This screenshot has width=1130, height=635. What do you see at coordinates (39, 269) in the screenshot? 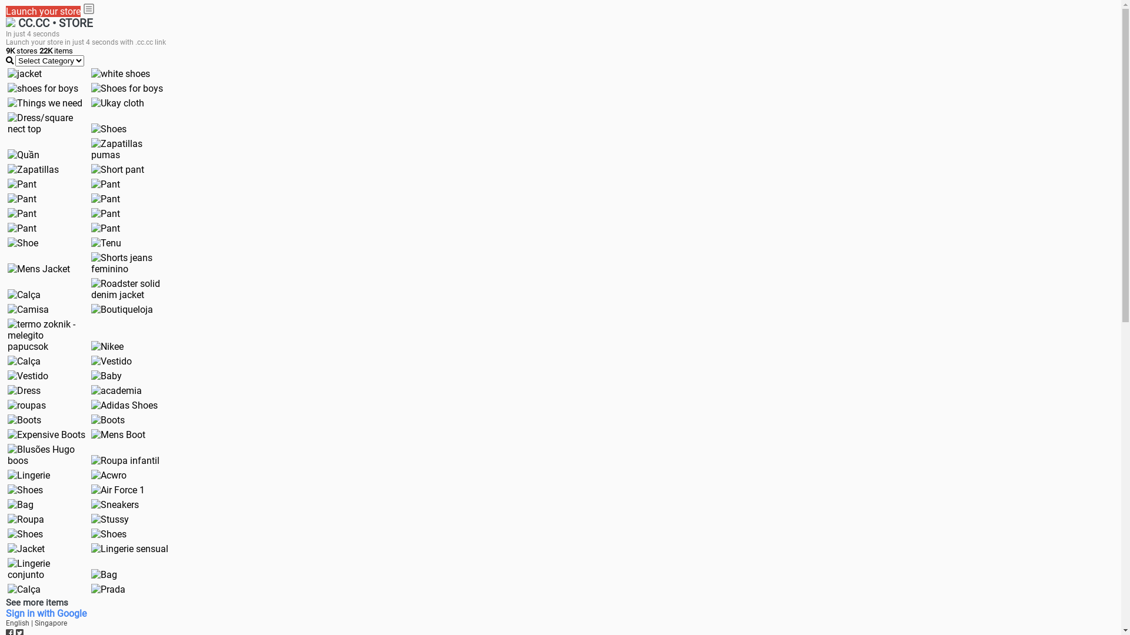
I see `'Mens Jacket'` at bounding box center [39, 269].